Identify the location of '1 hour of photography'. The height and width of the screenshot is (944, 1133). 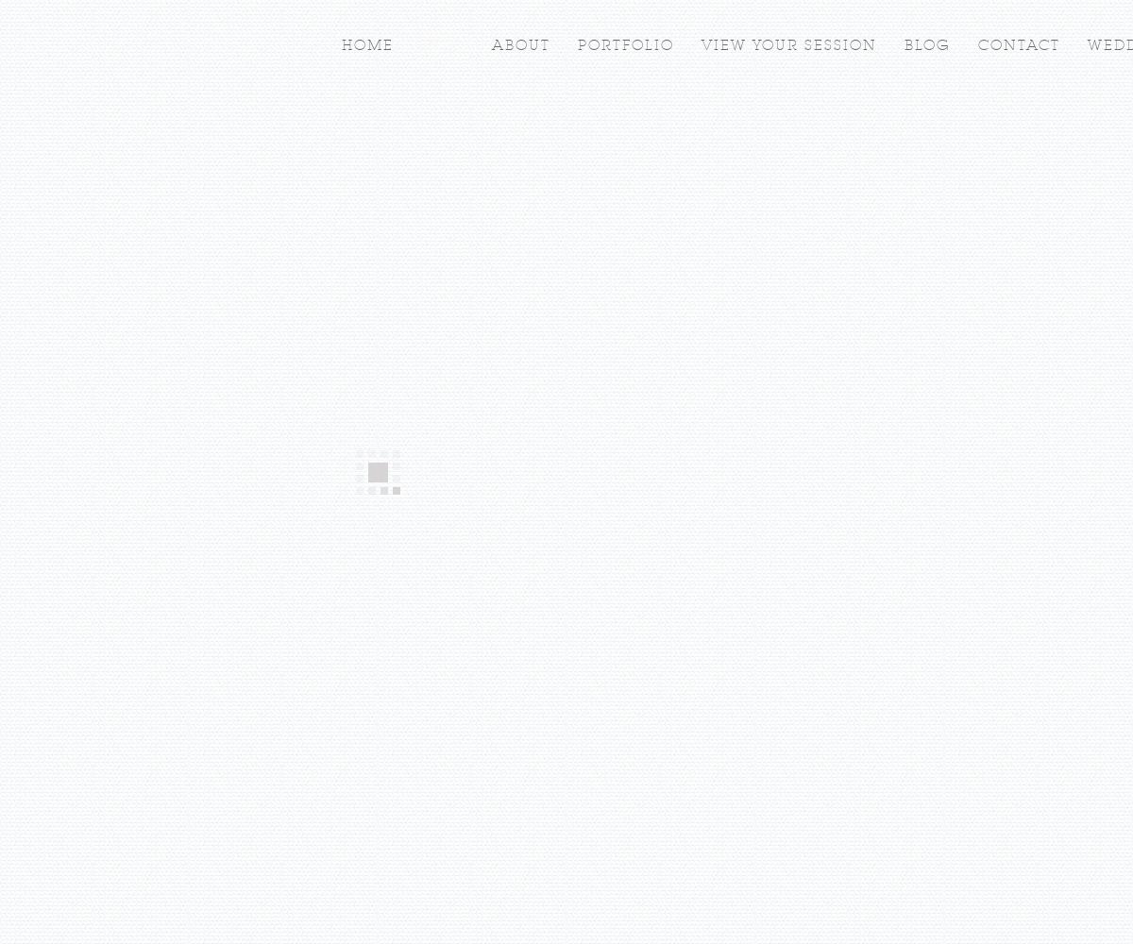
(483, 490).